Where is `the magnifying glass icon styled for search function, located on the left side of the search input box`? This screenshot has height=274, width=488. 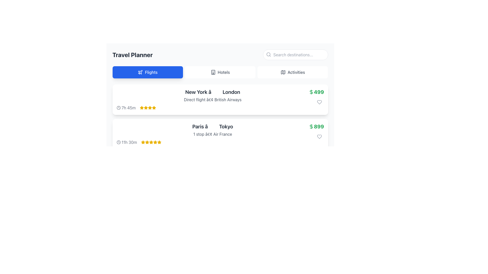 the magnifying glass icon styled for search function, located on the left side of the search input box is located at coordinates (268, 55).